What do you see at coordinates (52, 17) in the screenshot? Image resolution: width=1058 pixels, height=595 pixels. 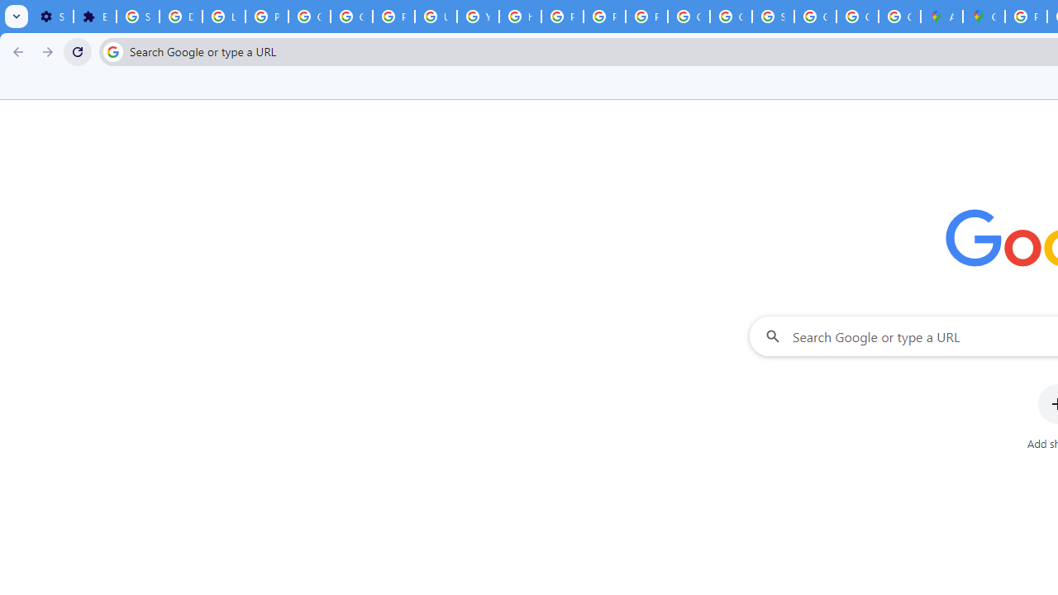 I see `'Settings - On startup'` at bounding box center [52, 17].